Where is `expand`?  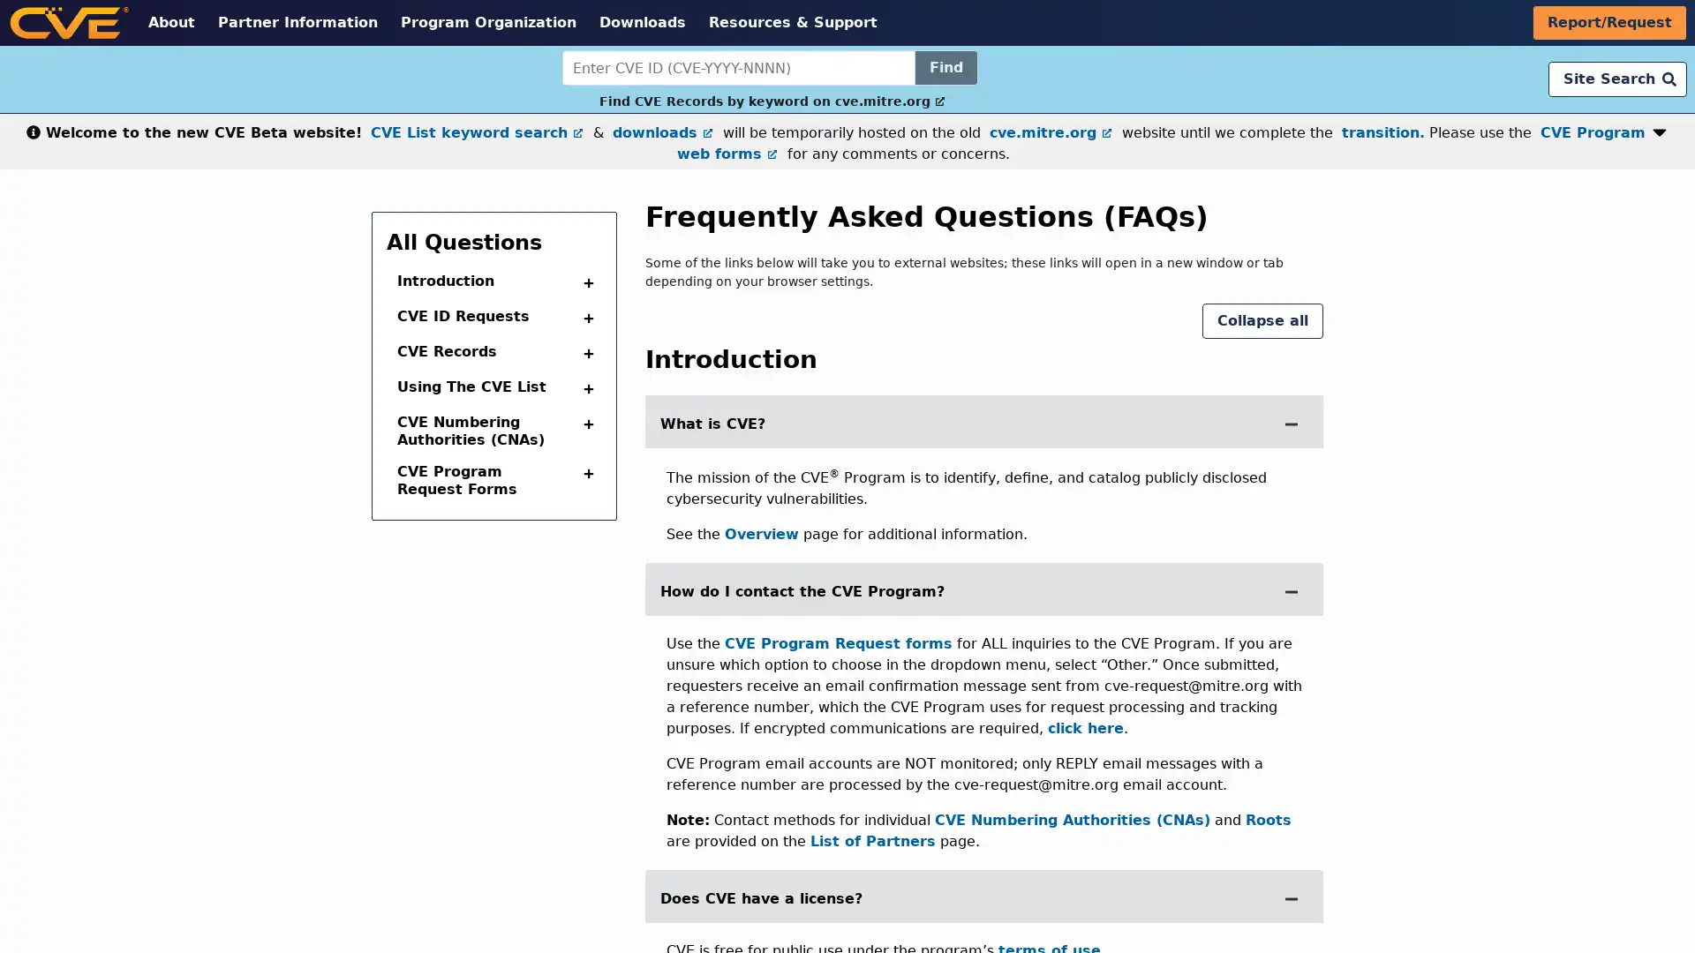
expand is located at coordinates (1292, 591).